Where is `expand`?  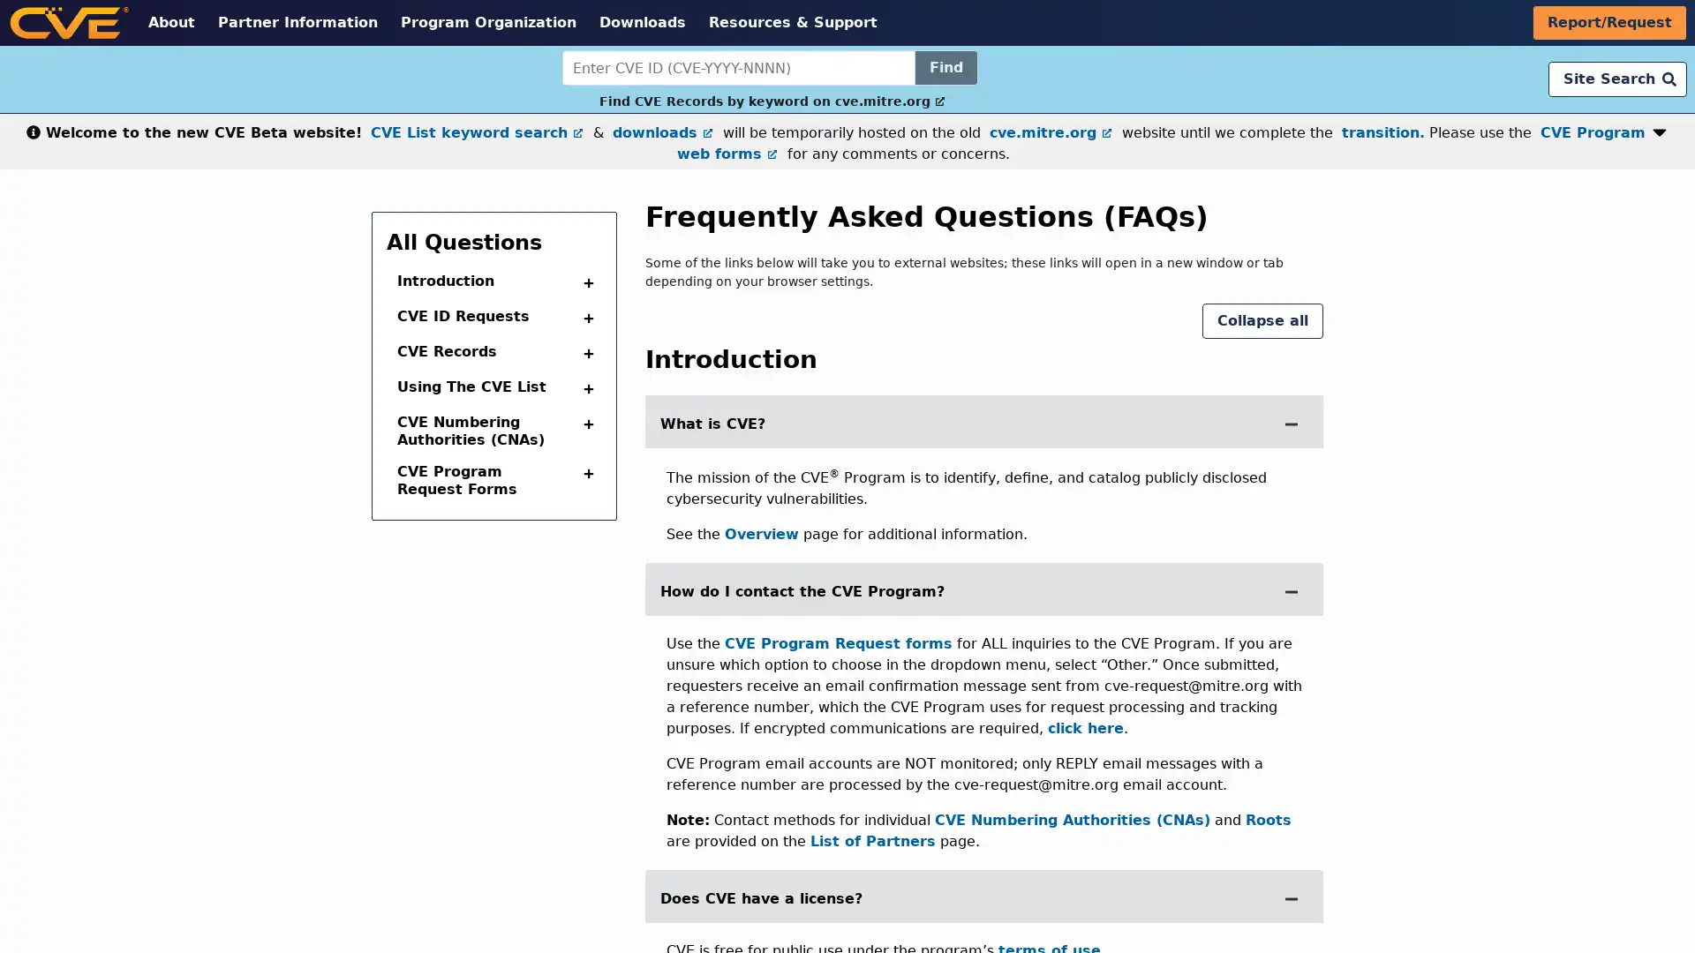
expand is located at coordinates (1292, 591).